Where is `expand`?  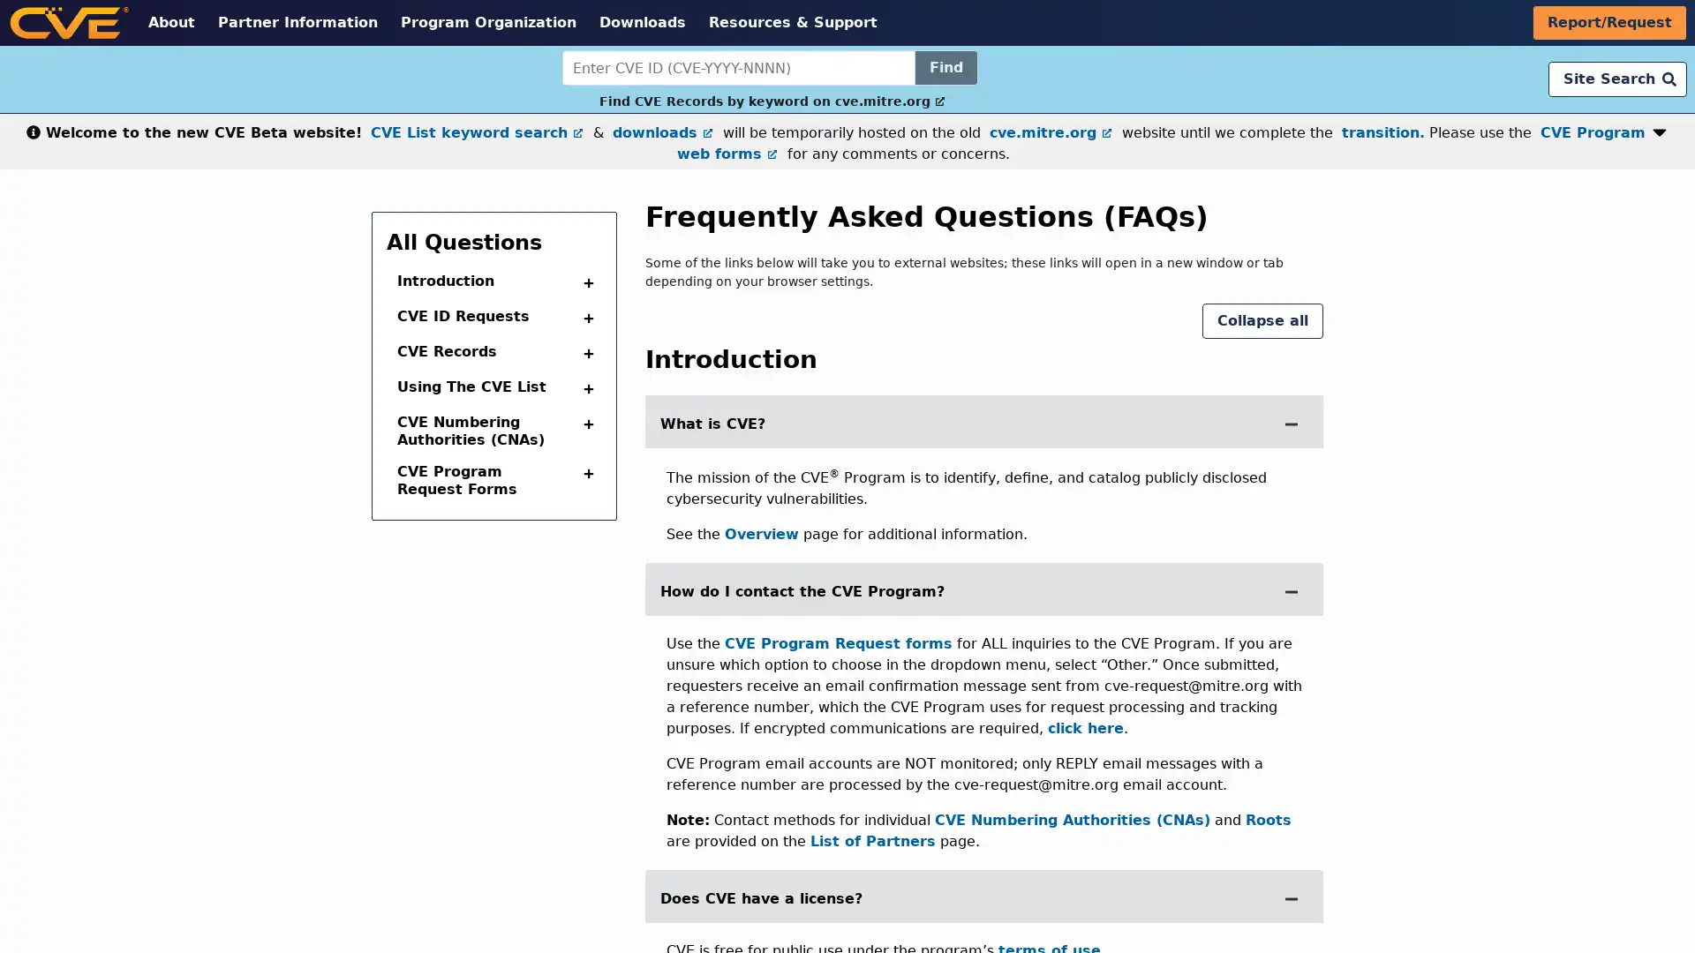
expand is located at coordinates (1292, 591).